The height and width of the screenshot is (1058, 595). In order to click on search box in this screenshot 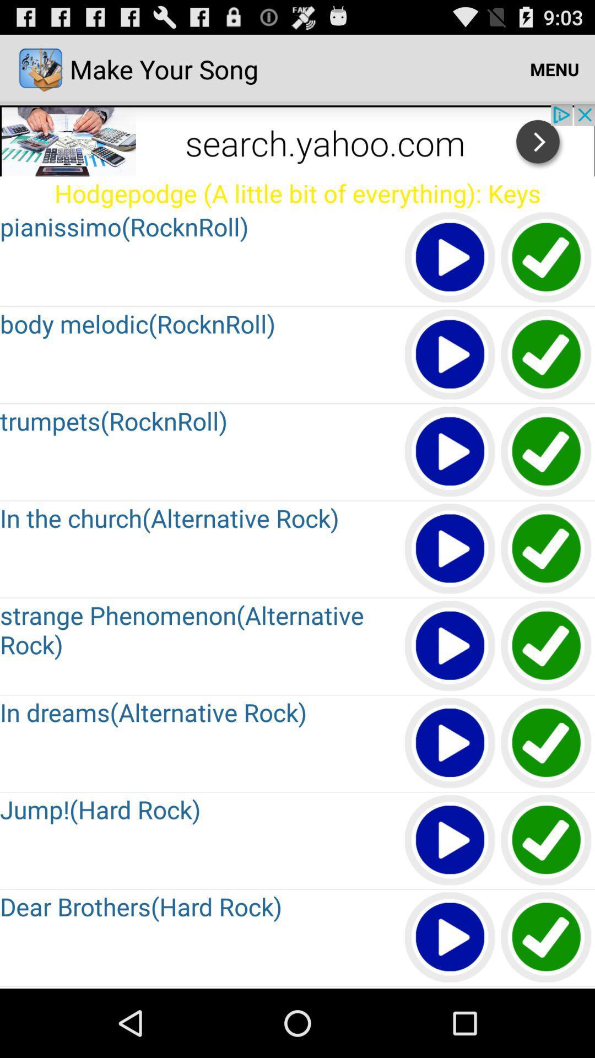, I will do `click(297, 139)`.